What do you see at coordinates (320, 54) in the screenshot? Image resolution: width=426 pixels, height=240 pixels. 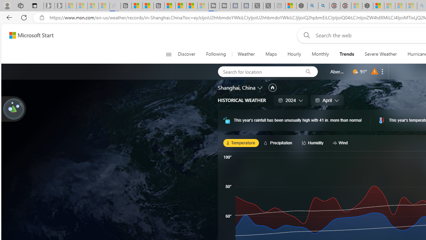 I see `'Monthly'` at bounding box center [320, 54].